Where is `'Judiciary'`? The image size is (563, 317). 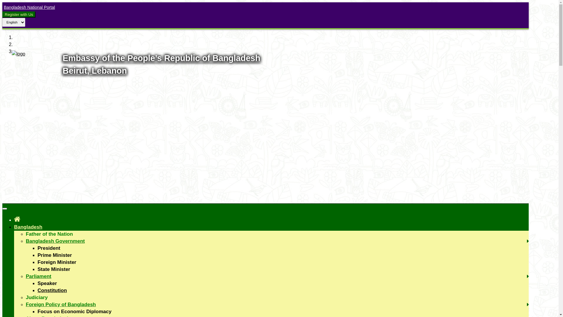 'Judiciary' is located at coordinates (25, 297).